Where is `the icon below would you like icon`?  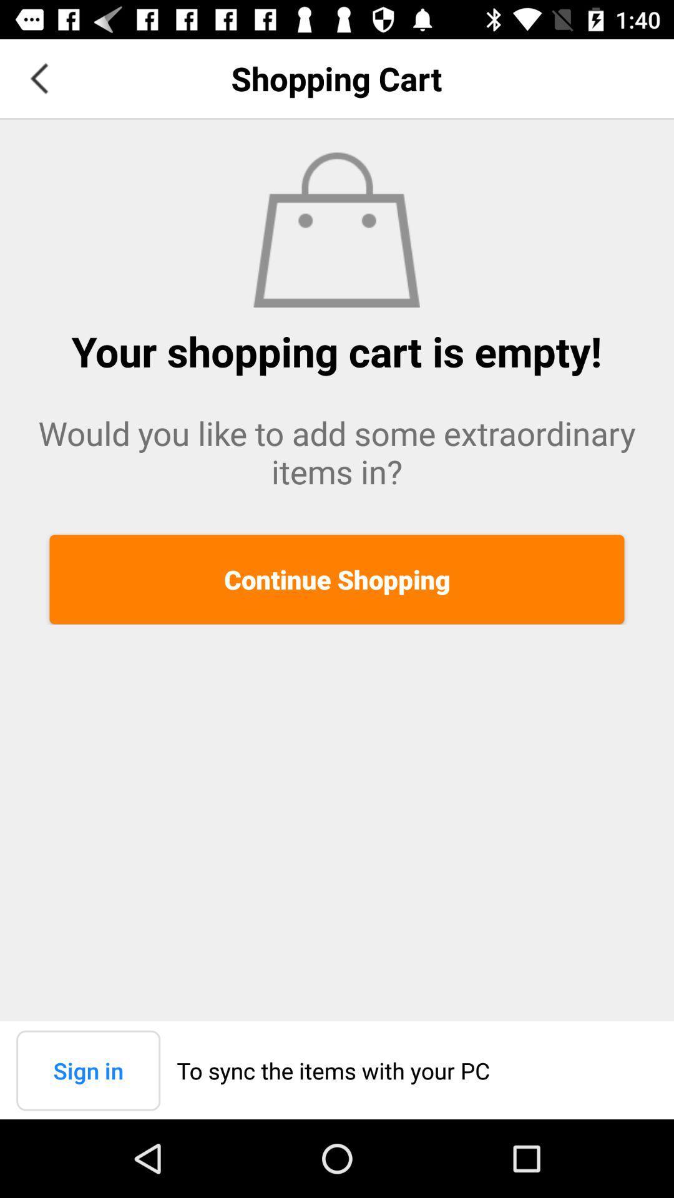 the icon below would you like icon is located at coordinates (337, 578).